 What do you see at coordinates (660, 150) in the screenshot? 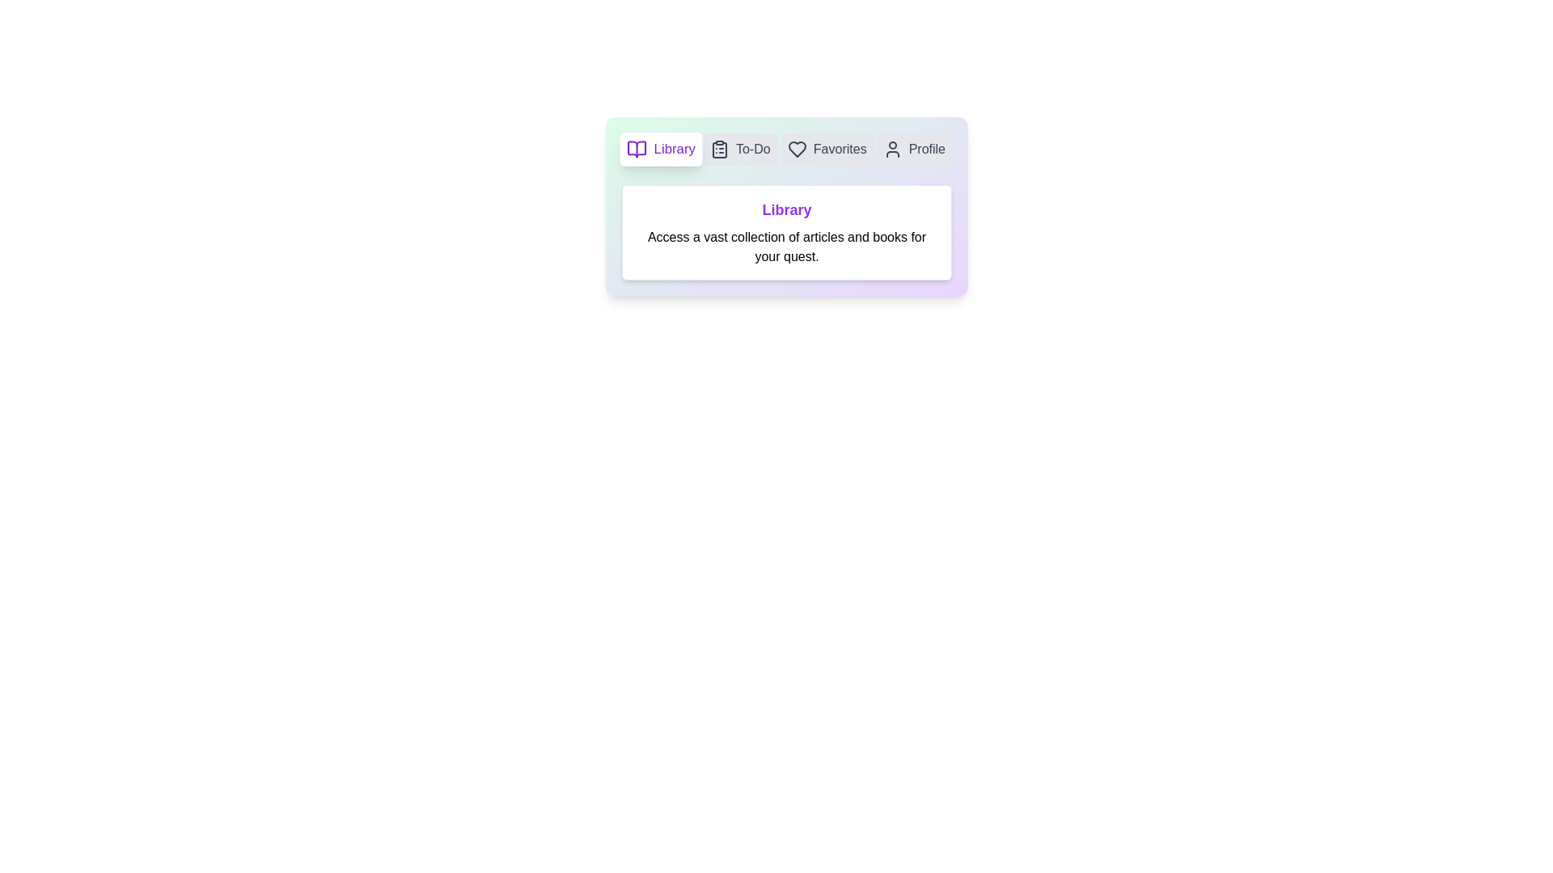
I see `the tab labeled Library to view its content` at bounding box center [660, 150].